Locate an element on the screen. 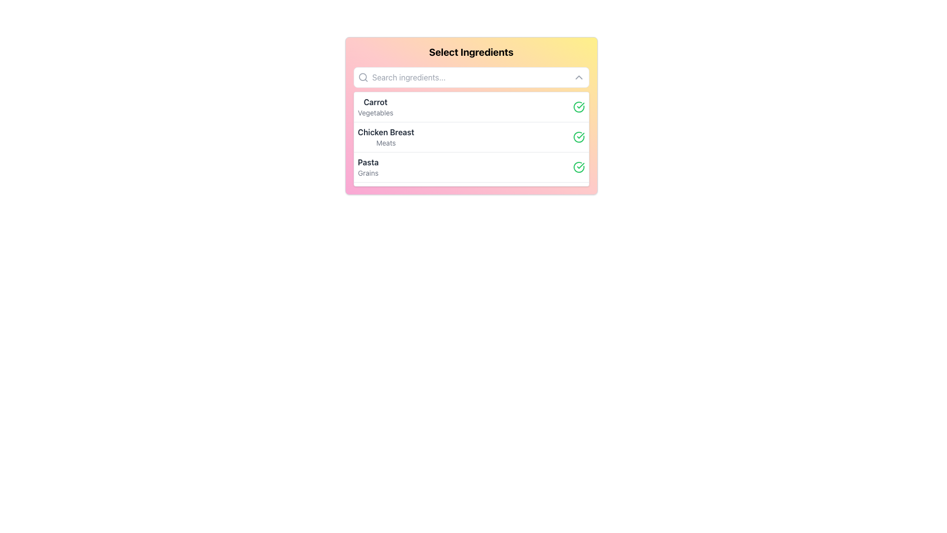  the 'Carrot' text label in the 'Select Ingredients' section is located at coordinates (375, 107).